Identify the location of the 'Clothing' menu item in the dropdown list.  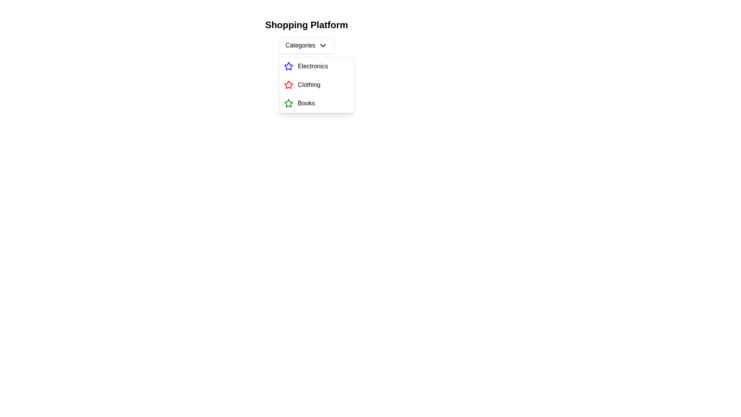
(316, 85).